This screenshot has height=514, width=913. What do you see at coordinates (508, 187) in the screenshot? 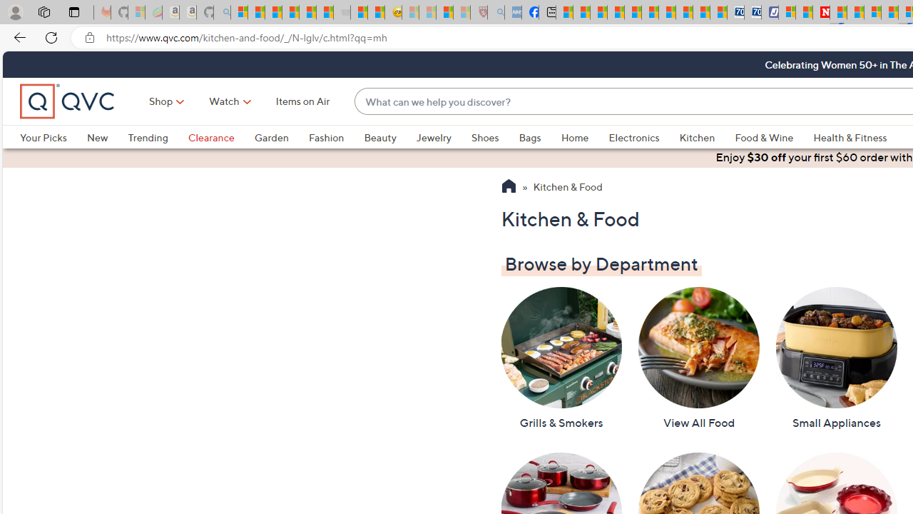
I see `'Return to QVC Homepage'` at bounding box center [508, 187].